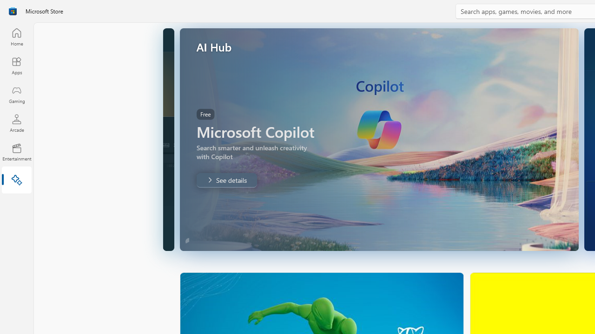 Image resolution: width=595 pixels, height=334 pixels. Describe the element at coordinates (16, 122) in the screenshot. I see `'Arcade'` at that location.